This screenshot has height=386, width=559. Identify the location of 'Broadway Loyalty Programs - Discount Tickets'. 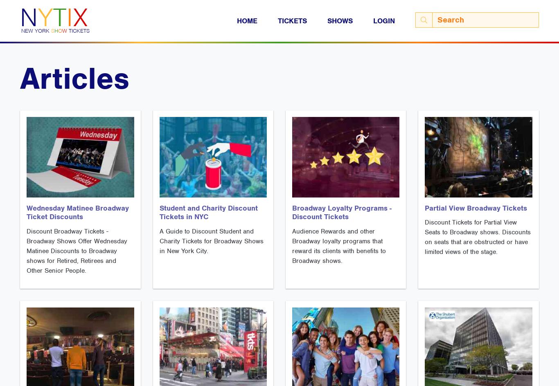
(341, 212).